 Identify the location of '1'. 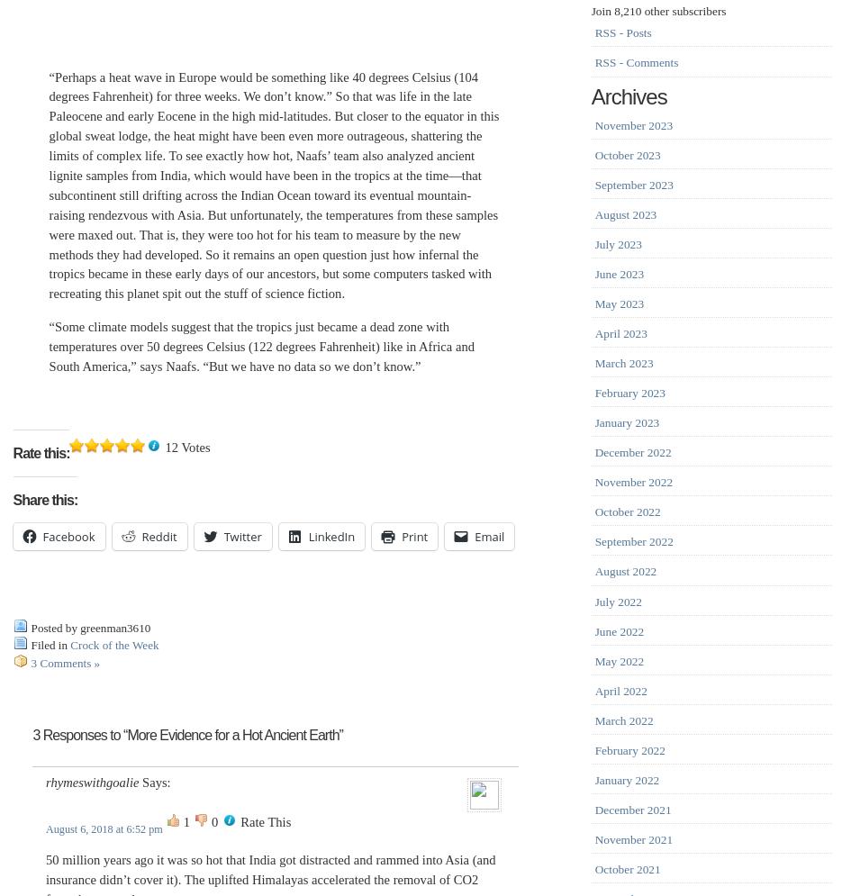
(181, 821).